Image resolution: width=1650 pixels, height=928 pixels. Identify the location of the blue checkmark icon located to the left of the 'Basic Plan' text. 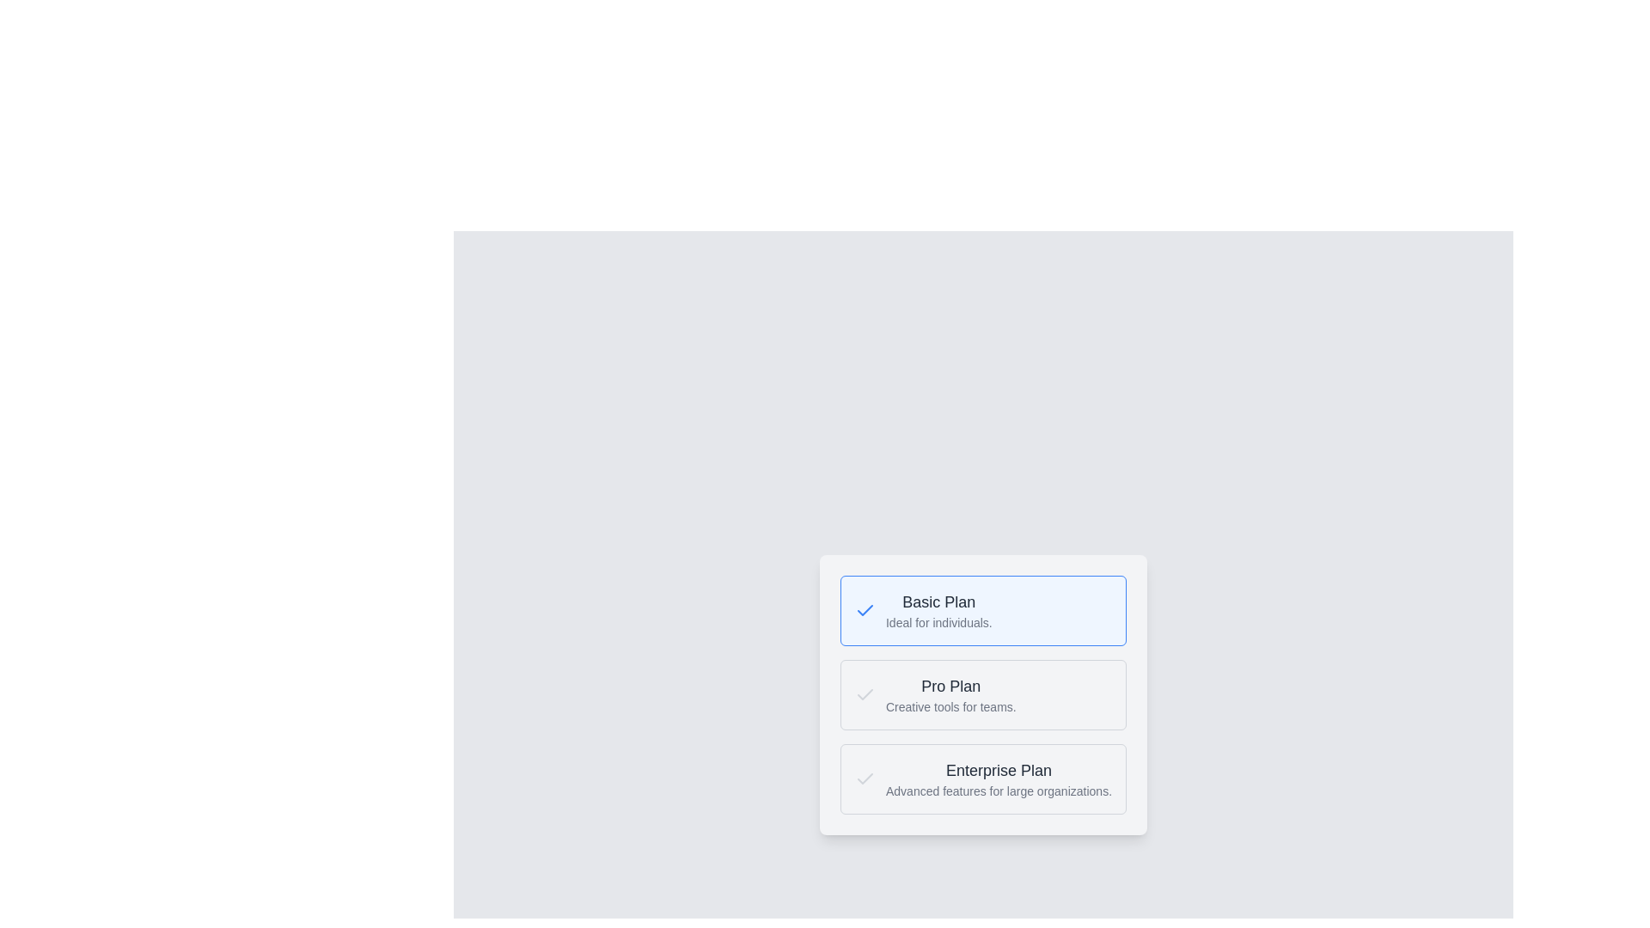
(865, 609).